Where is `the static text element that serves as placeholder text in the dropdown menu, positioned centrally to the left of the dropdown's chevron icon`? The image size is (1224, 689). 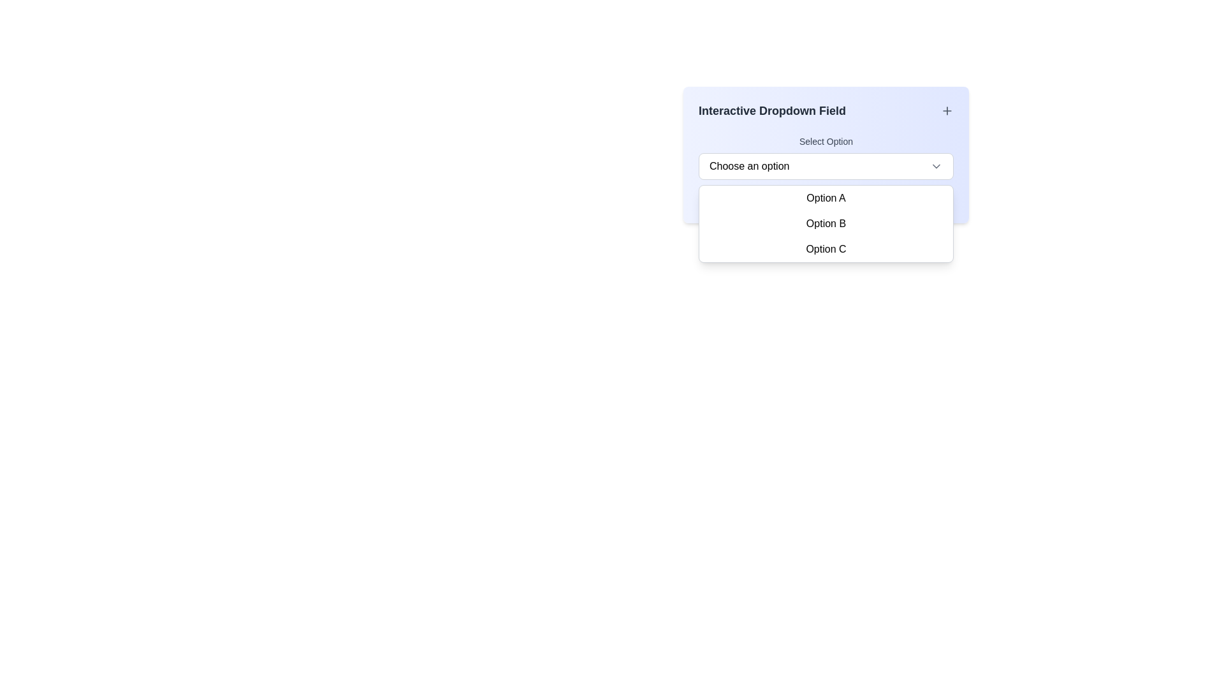 the static text element that serves as placeholder text in the dropdown menu, positioned centrally to the left of the dropdown's chevron icon is located at coordinates (749, 166).